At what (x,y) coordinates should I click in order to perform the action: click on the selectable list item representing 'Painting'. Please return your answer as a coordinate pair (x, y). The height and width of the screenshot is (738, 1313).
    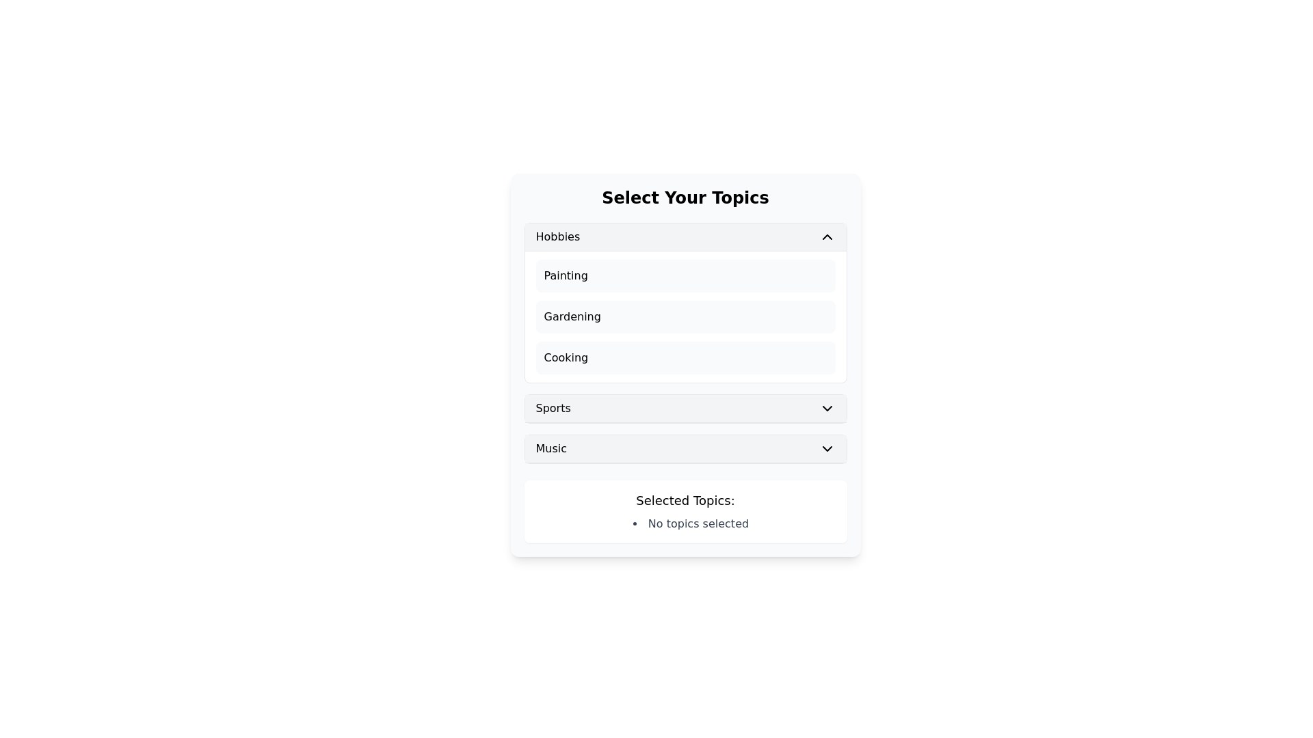
    Looking at the image, I should click on (685, 276).